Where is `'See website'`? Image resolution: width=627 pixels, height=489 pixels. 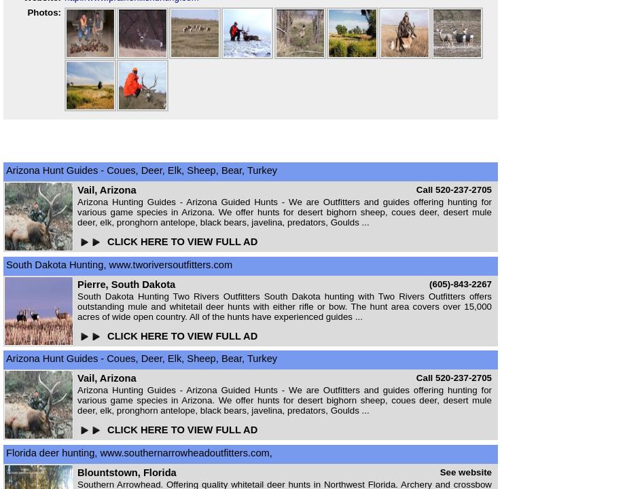 'See website' is located at coordinates (465, 471).